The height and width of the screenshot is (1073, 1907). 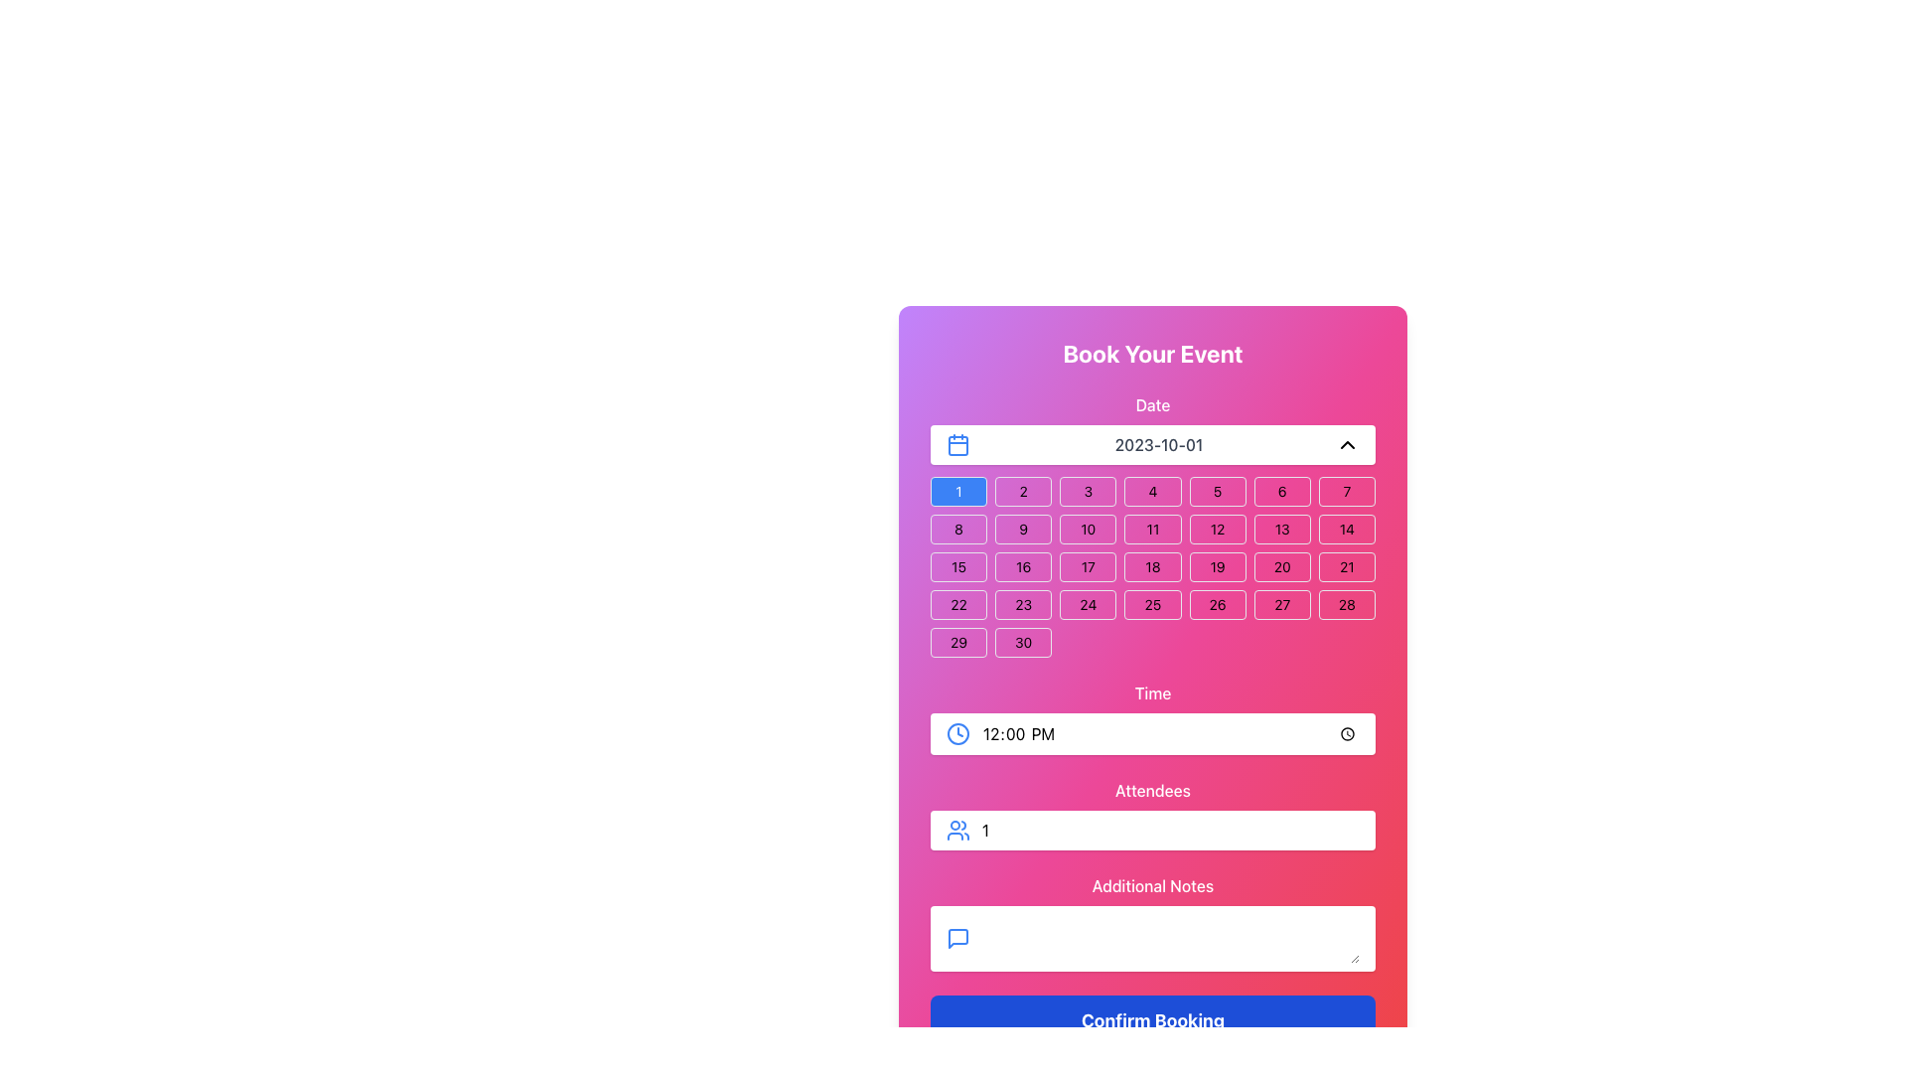 What do you see at coordinates (1153, 528) in the screenshot?
I see `the fifth number button in the second row of the calendar interface` at bounding box center [1153, 528].